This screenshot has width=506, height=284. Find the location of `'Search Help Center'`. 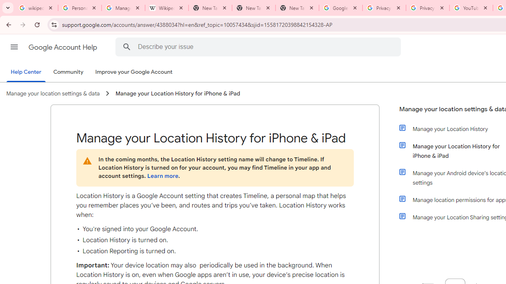

'Search Help Center' is located at coordinates (126, 47).